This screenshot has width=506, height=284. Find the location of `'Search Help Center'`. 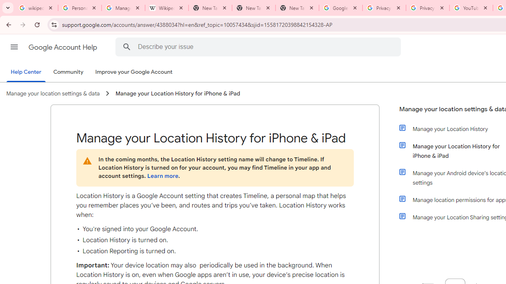

'Search Help Center' is located at coordinates (126, 47).